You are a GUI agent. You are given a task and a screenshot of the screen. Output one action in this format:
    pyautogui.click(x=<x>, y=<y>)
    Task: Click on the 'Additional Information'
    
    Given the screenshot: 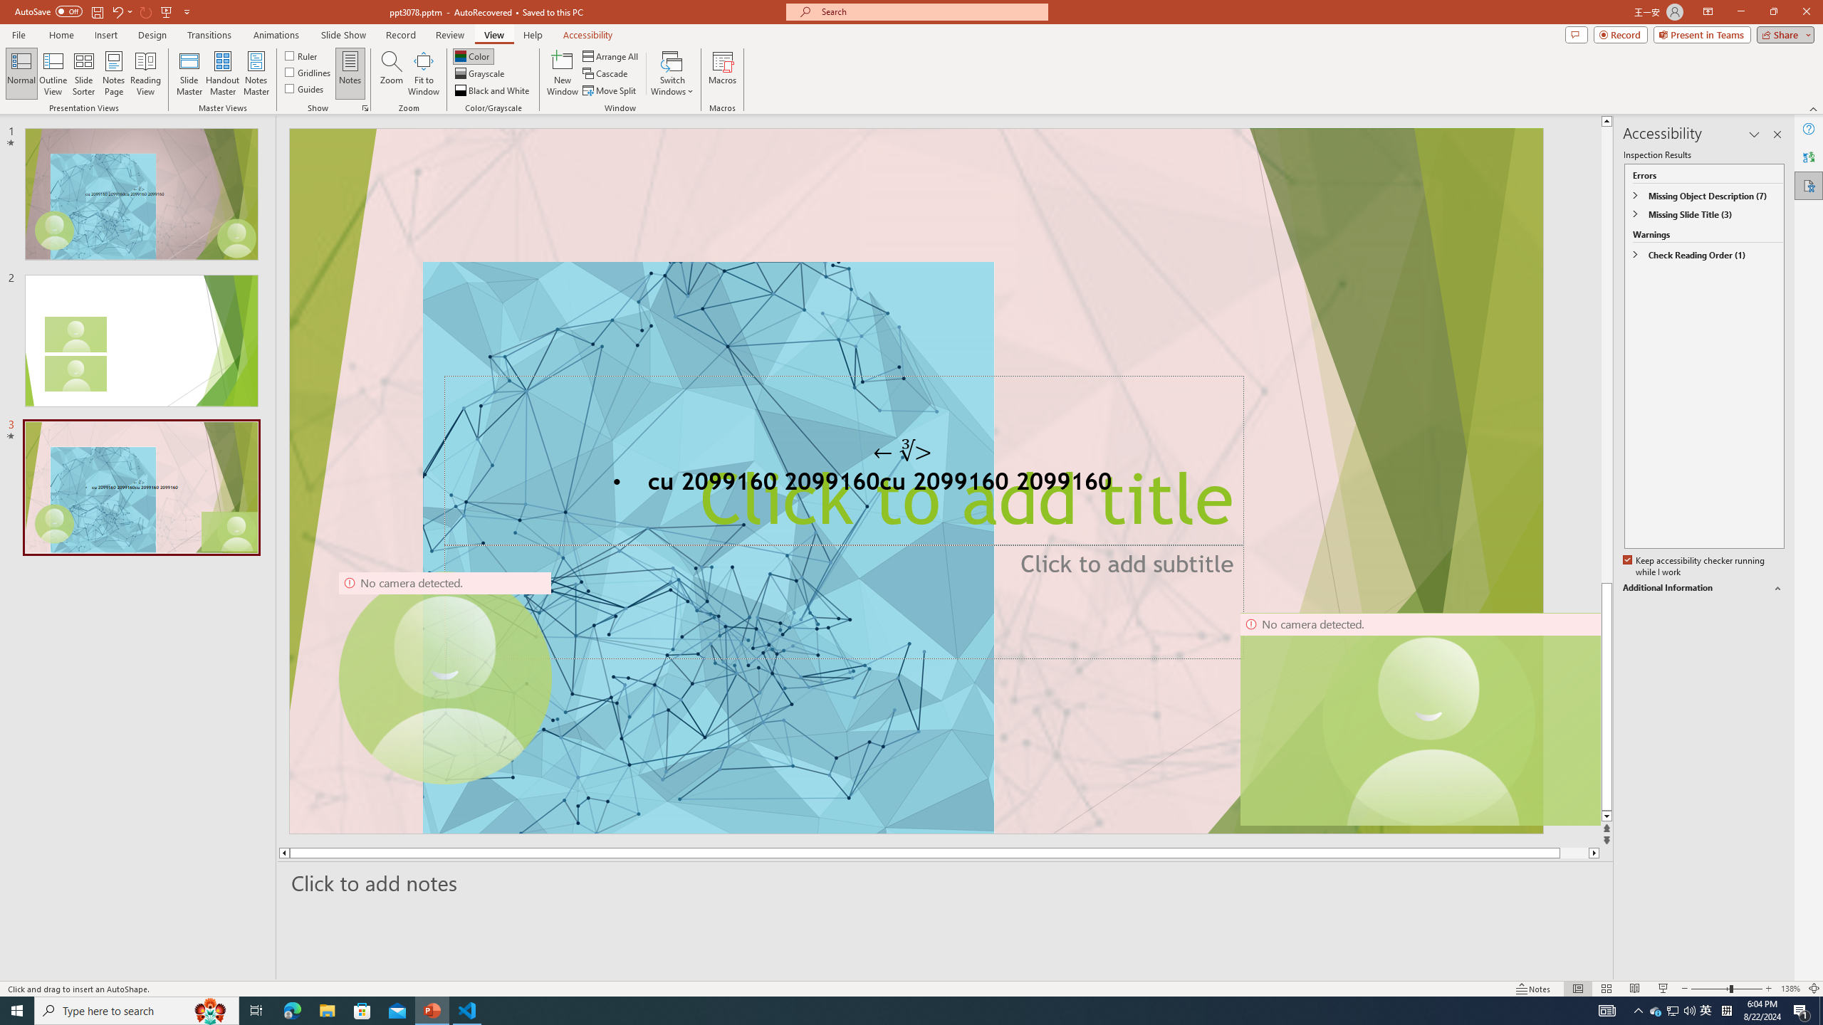 What is the action you would take?
    pyautogui.click(x=1703, y=588)
    